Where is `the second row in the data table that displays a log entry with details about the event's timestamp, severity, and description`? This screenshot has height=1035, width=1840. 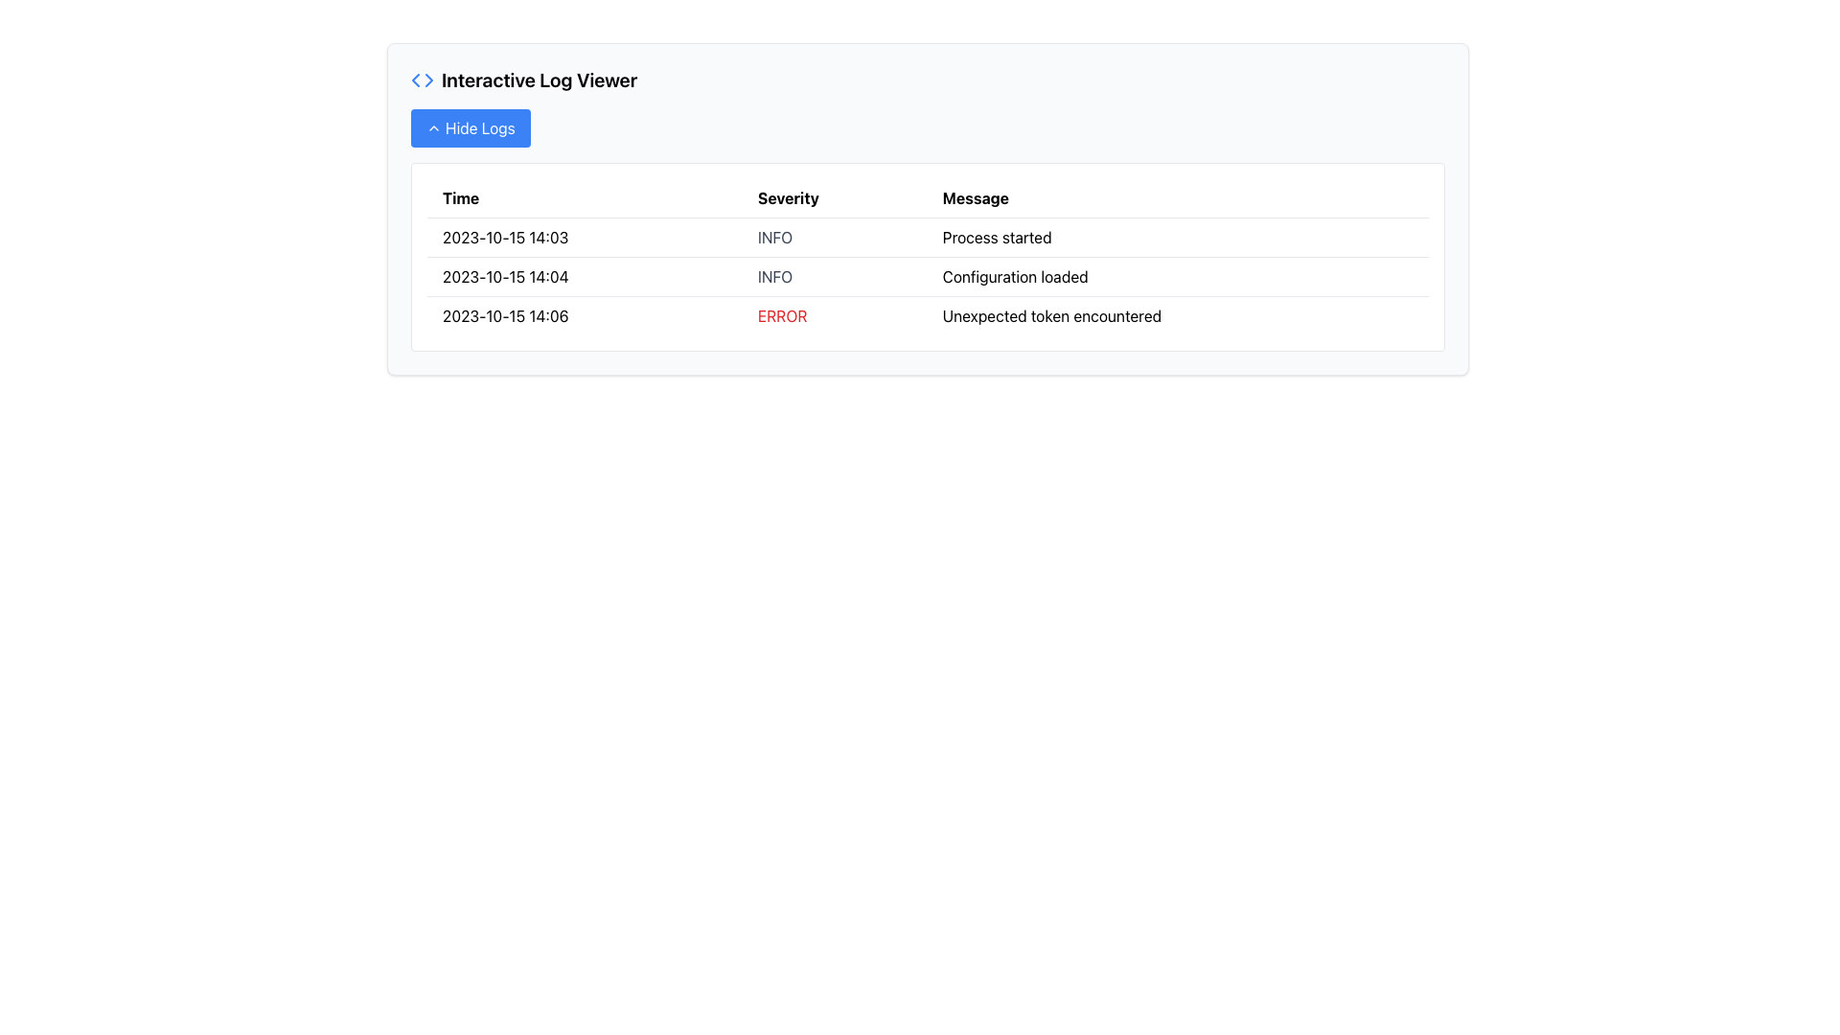 the second row in the data table that displays a log entry with details about the event's timestamp, severity, and description is located at coordinates (928, 277).